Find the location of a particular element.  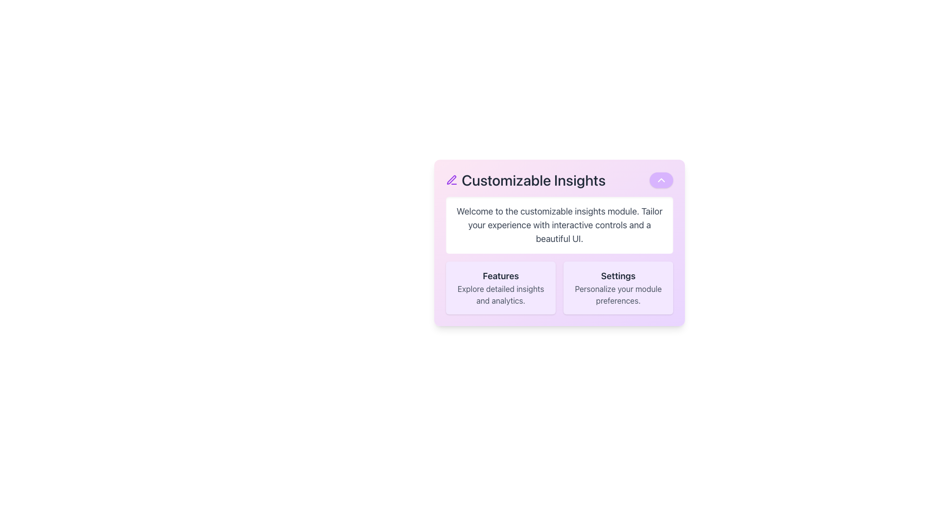

the icon associated with the 'Customizable Insights' module, which is positioned to the left of the text in the header area is located at coordinates (451, 180).